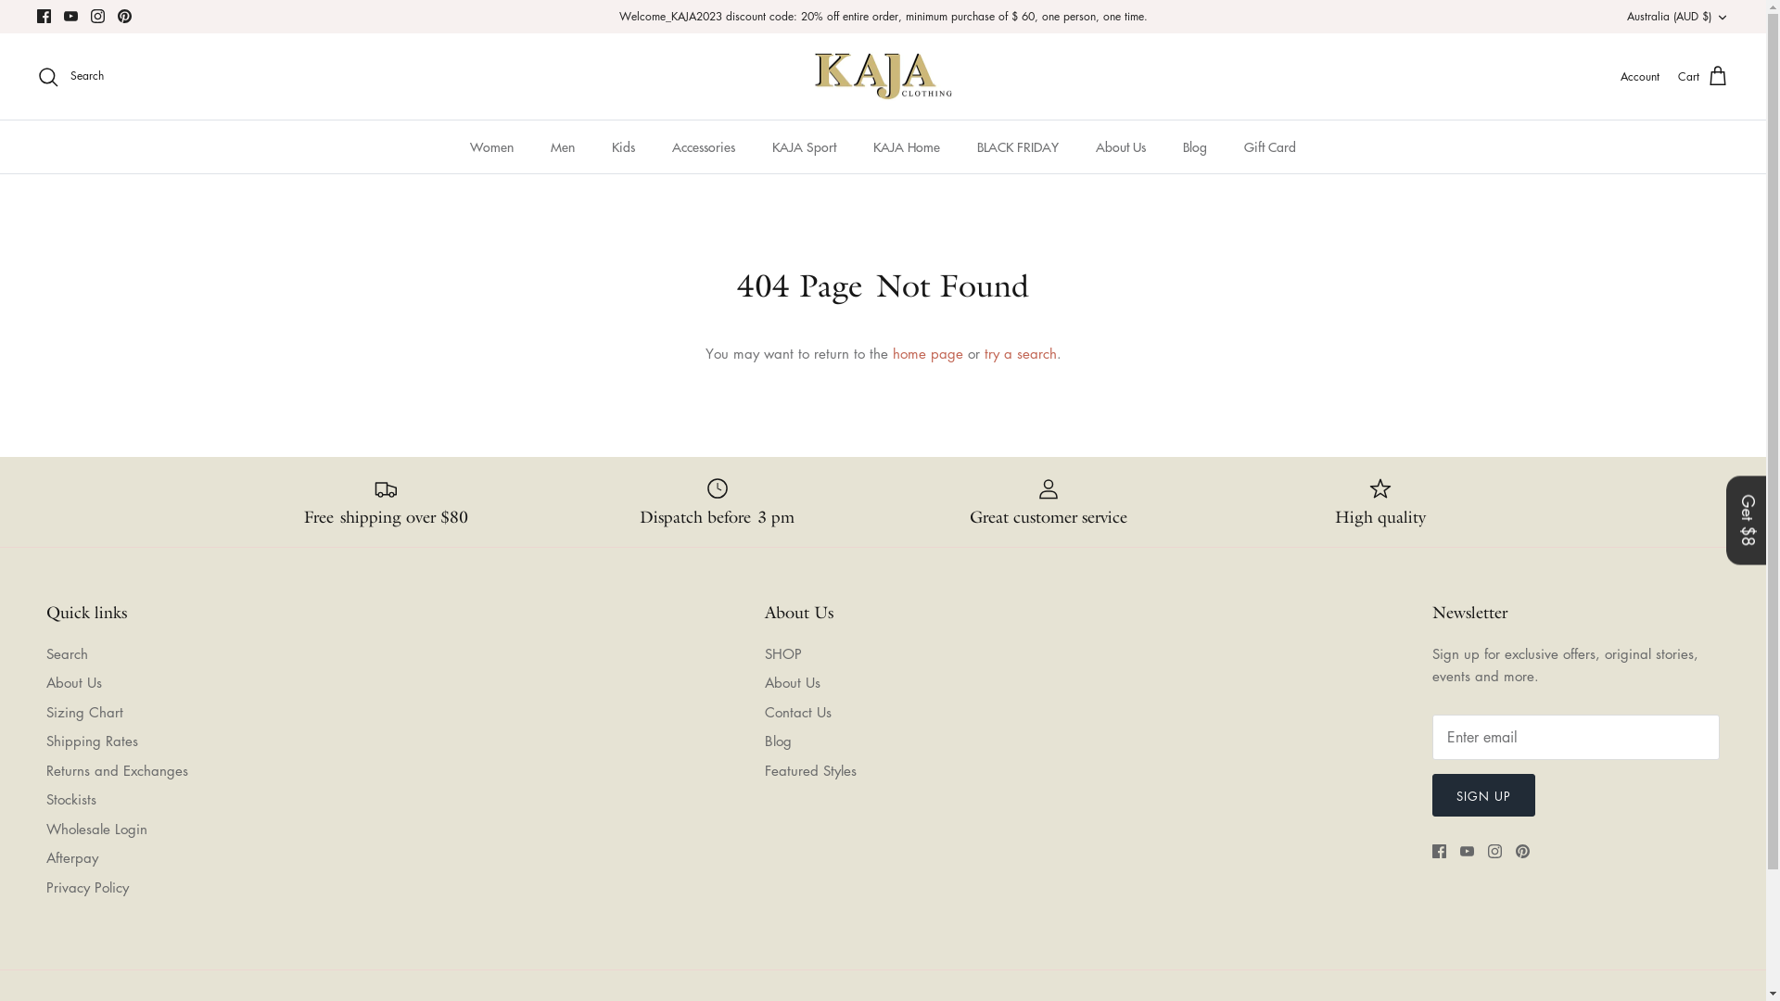 The height and width of the screenshot is (1001, 1780). Describe the element at coordinates (796, 710) in the screenshot. I see `'Contact Us'` at that location.